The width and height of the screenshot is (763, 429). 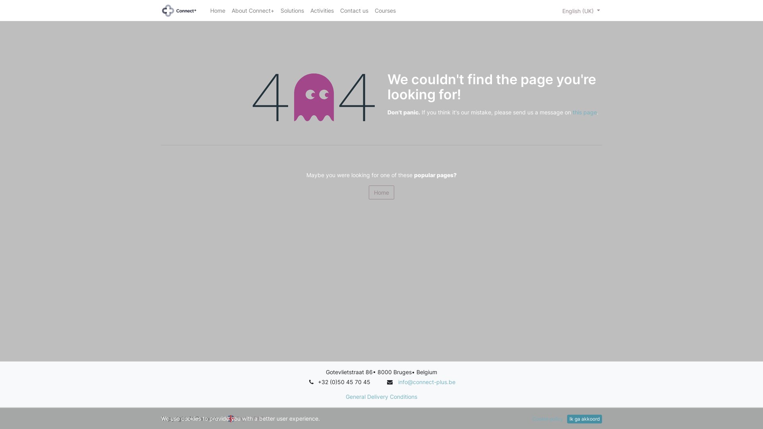 I want to click on 'Cookie policy', so click(x=547, y=419).